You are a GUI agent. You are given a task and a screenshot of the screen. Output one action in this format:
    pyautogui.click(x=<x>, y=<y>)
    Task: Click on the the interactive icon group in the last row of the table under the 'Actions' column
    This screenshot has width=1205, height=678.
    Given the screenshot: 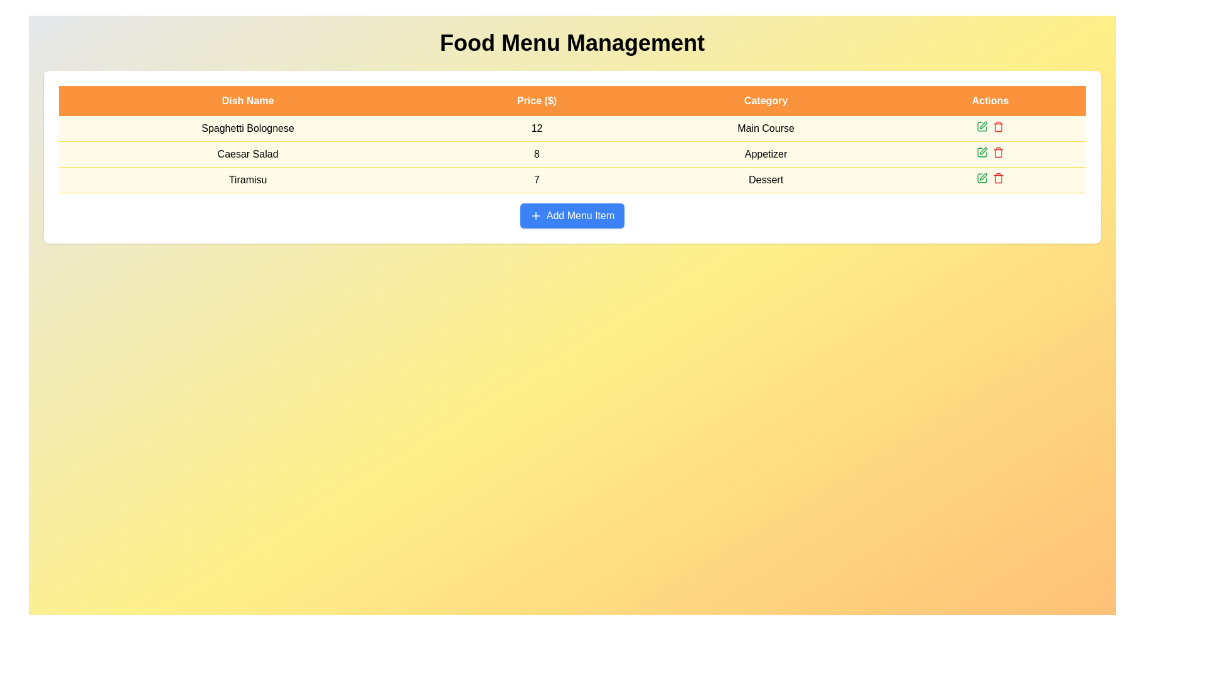 What is the action you would take?
    pyautogui.click(x=990, y=178)
    